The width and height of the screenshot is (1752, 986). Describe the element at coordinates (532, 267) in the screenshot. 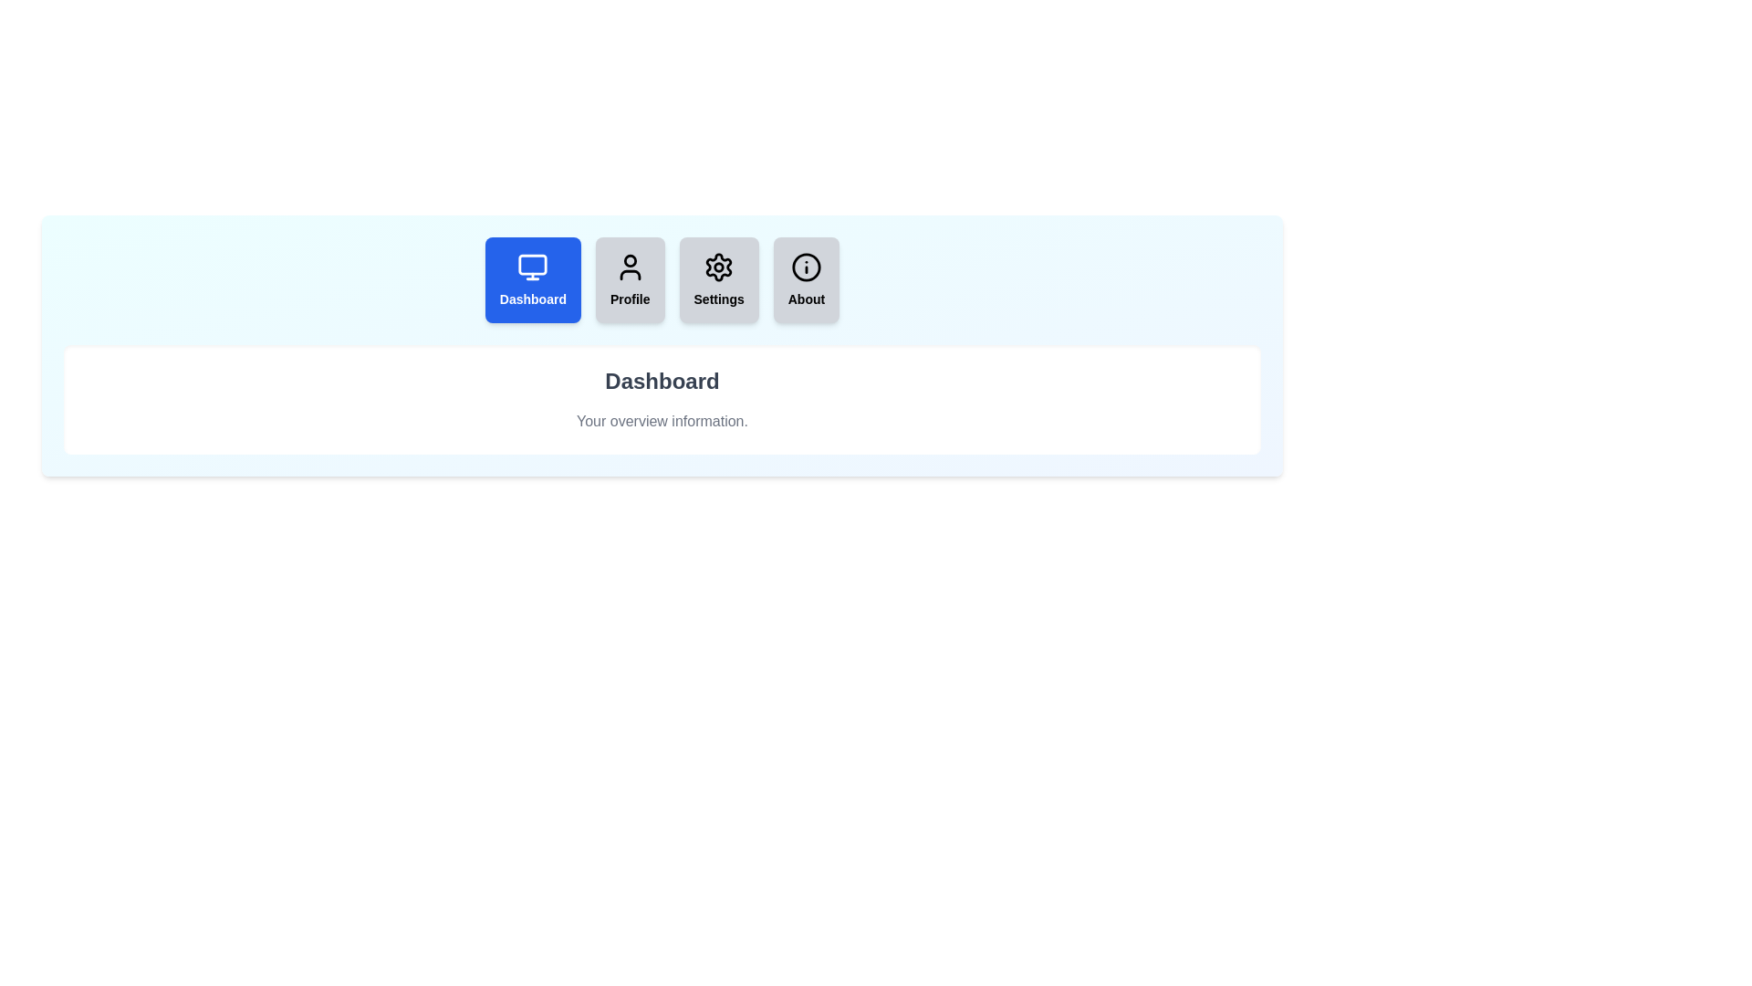

I see `the icon in the Dashboard tab` at that location.